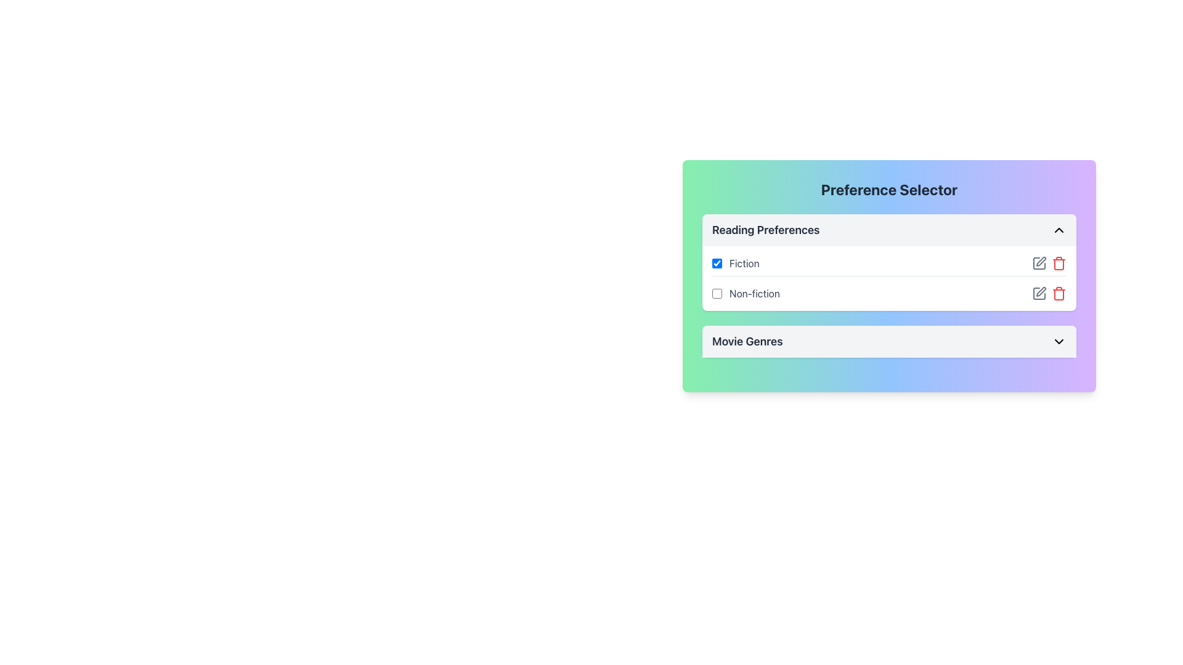  Describe the element at coordinates (736, 263) in the screenshot. I see `the checkbox for 'Fiction' under the 'Reading Preferences' category` at that location.